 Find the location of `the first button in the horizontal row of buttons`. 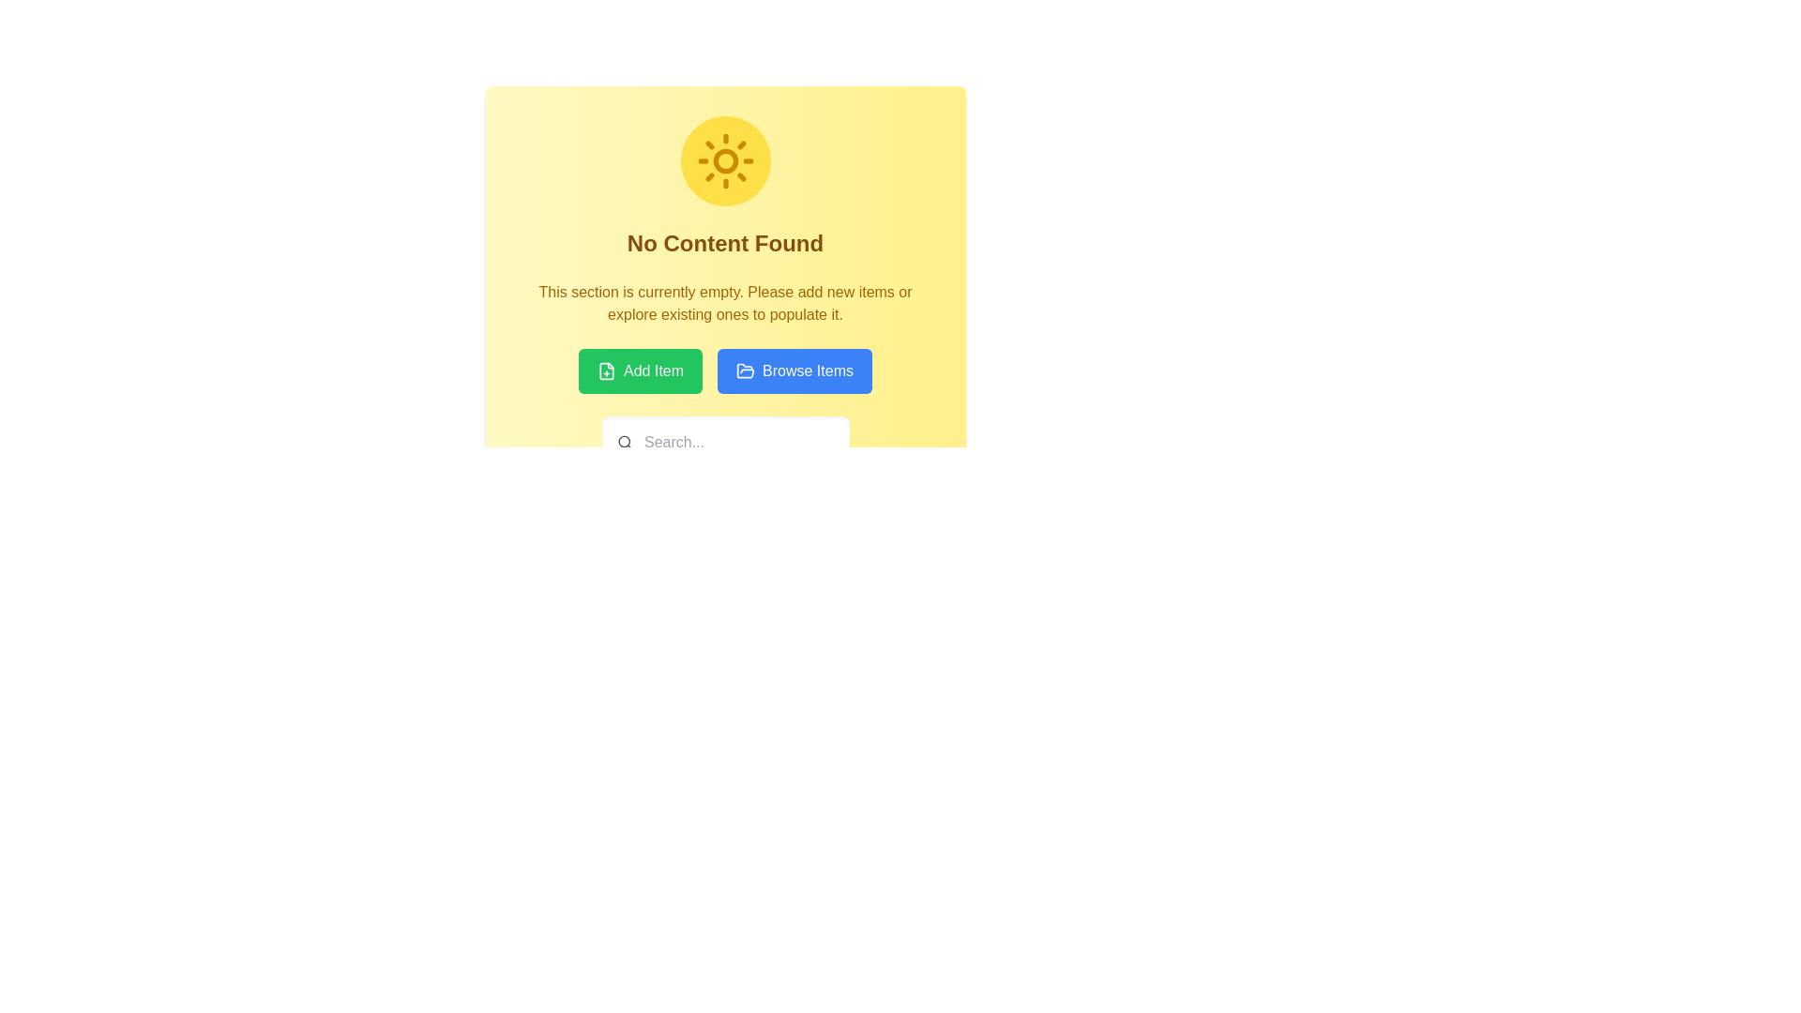

the first button in the horizontal row of buttons is located at coordinates (640, 371).